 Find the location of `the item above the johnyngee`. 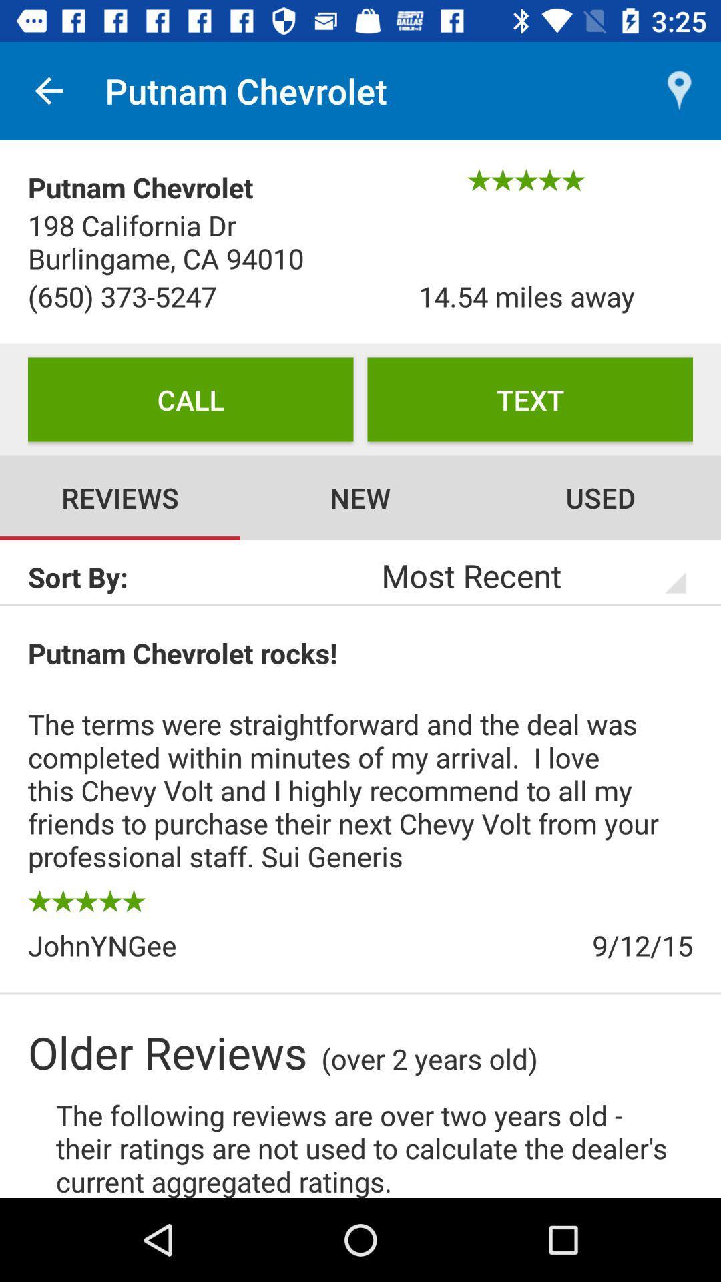

the item above the johnyngee is located at coordinates (87, 901).